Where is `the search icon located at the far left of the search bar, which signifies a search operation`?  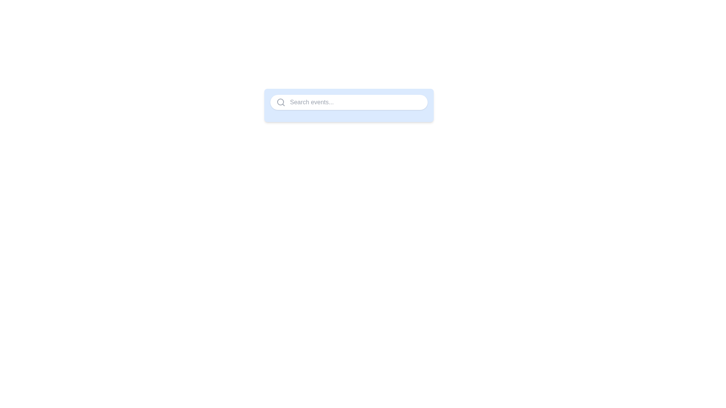 the search icon located at the far left of the search bar, which signifies a search operation is located at coordinates (281, 102).